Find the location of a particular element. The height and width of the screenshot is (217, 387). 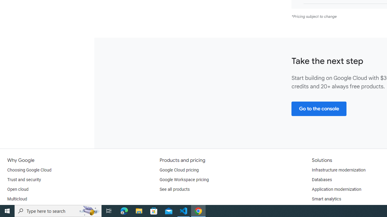

'Google Workspace pricing' is located at coordinates (184, 179).